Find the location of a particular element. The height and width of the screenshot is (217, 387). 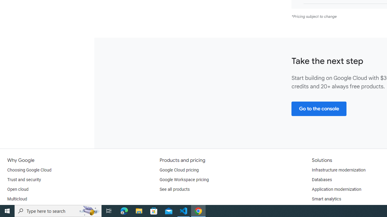

'Google Workspace pricing' is located at coordinates (184, 179).